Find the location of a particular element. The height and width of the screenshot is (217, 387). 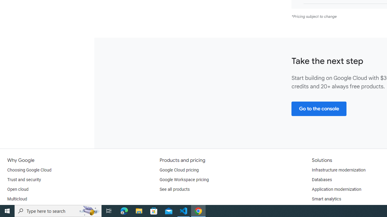

'Google Workspace pricing' is located at coordinates (184, 179).